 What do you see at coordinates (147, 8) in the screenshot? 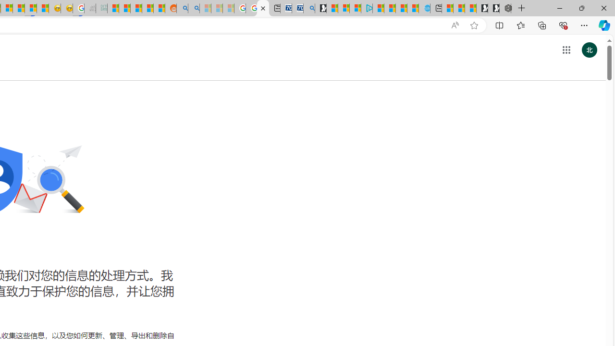
I see `'Student Loan Update: Forgiveness Program Ends This Month'` at bounding box center [147, 8].